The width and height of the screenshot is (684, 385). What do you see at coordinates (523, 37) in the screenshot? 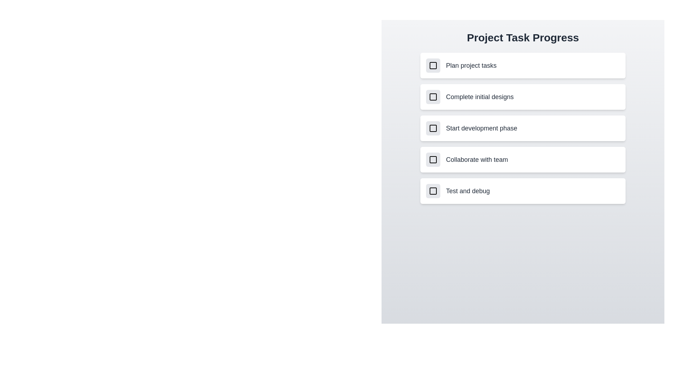
I see `the title 'Project Task Progress' to interact with it` at bounding box center [523, 37].